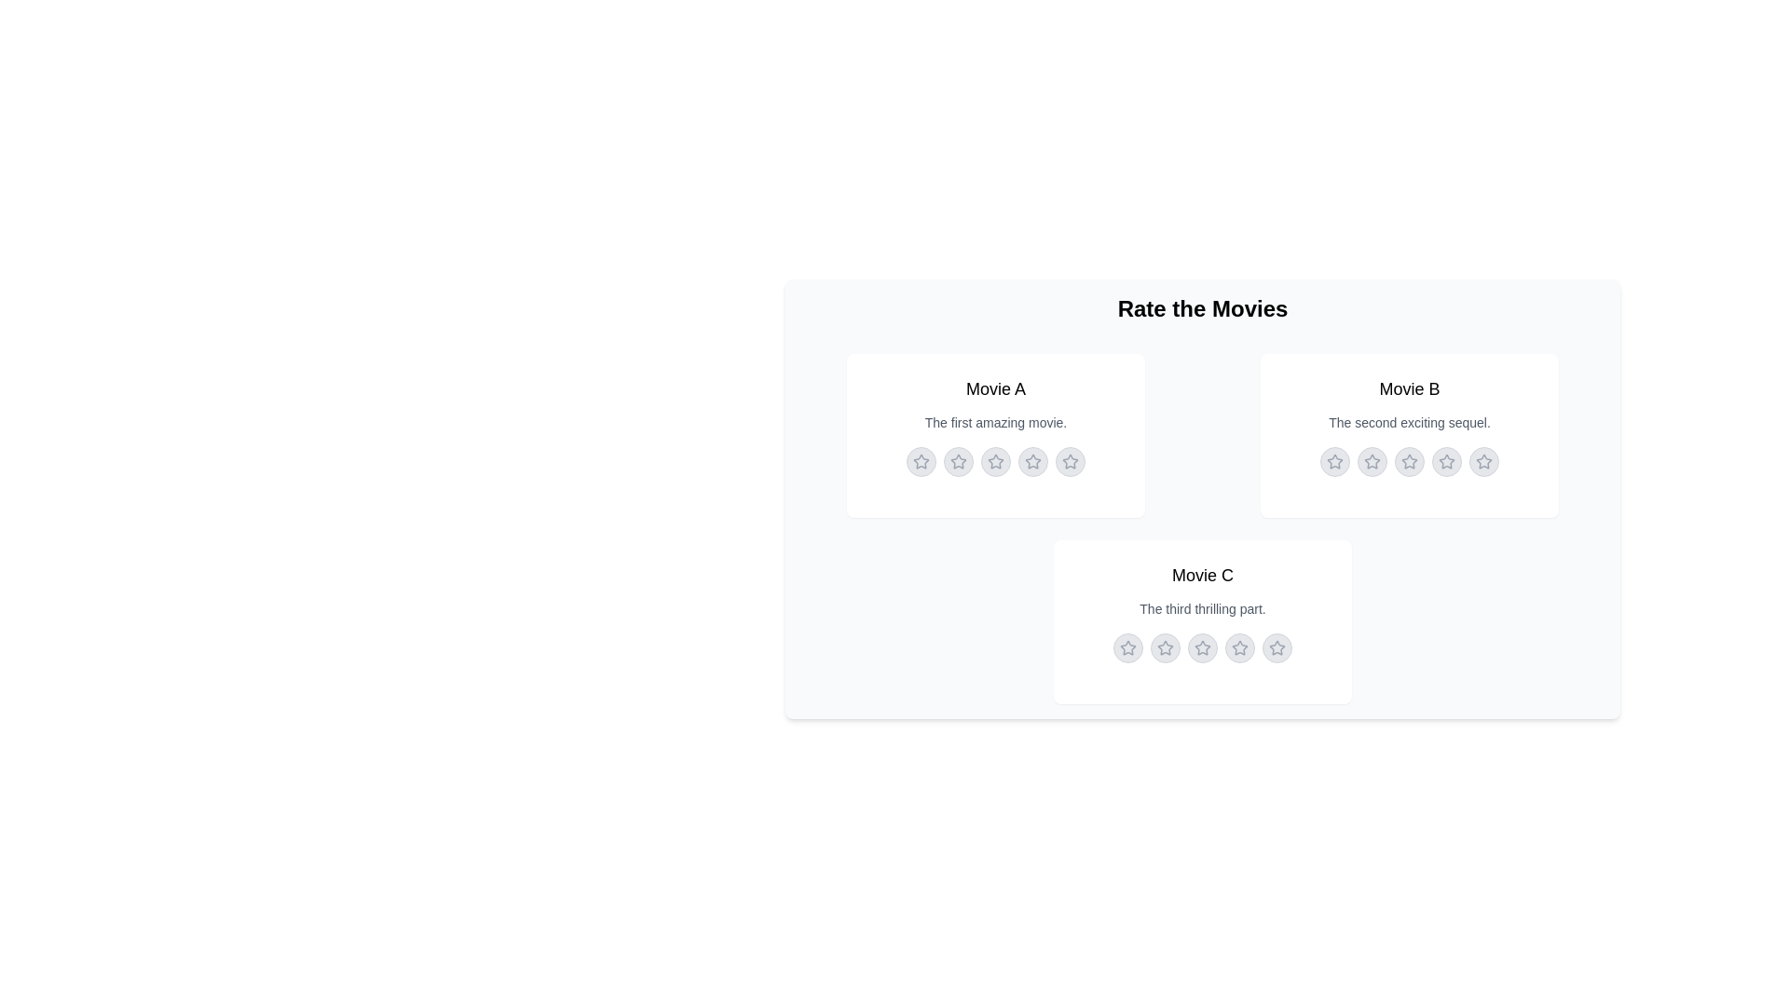  What do you see at coordinates (1372, 460) in the screenshot?
I see `the second star in the rating row under 'Movie B'` at bounding box center [1372, 460].